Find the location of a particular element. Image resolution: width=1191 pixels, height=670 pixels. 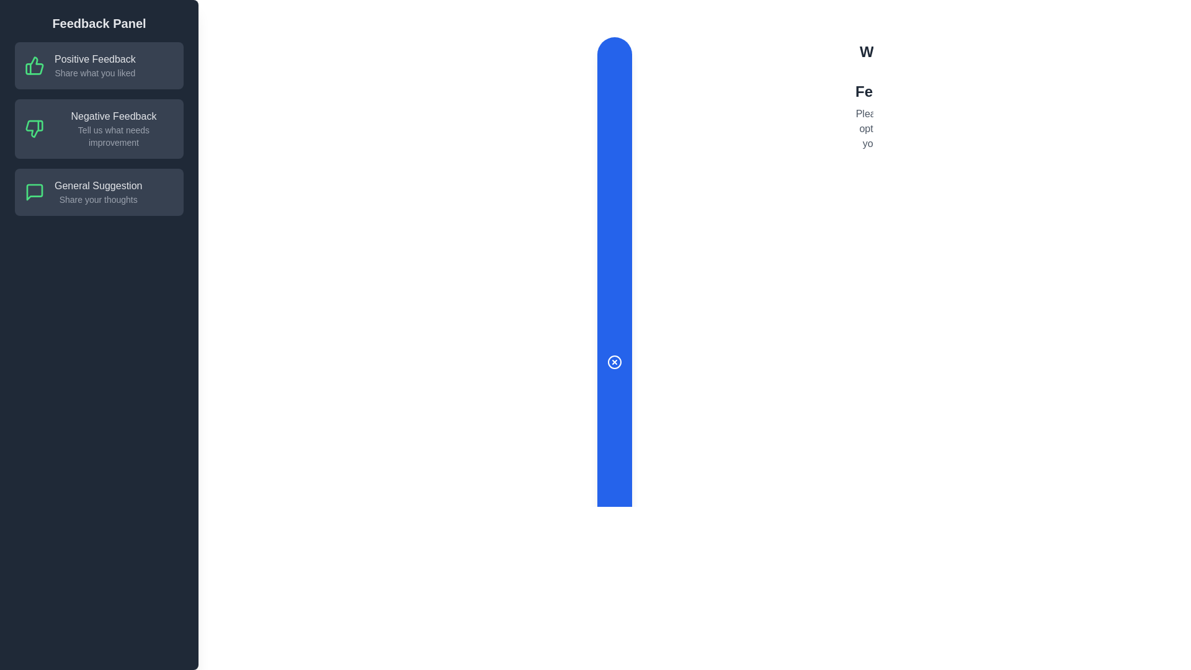

the feedback option Negative Feedback by clicking on the corresponding area is located at coordinates (98, 129).